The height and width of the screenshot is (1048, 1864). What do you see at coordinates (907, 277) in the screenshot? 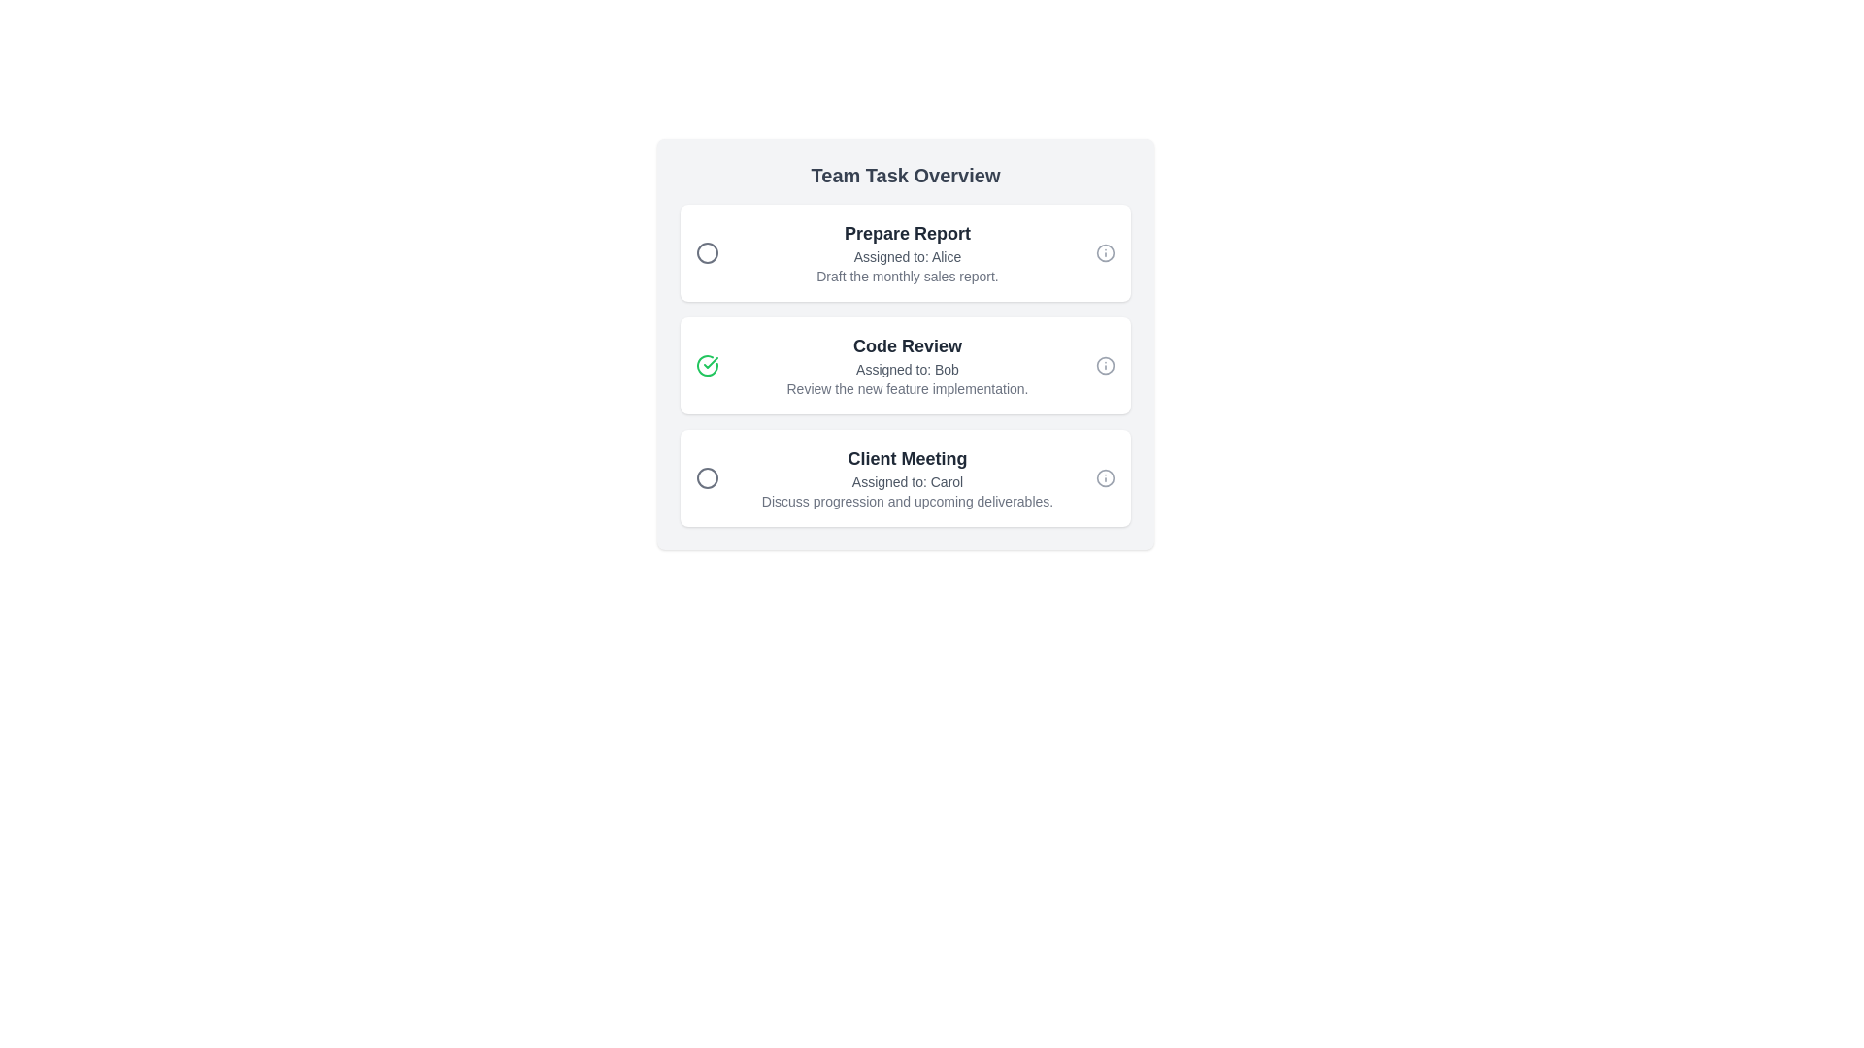
I see `the static text that provides instructions related to the task 'Prepare Report', located under 'Assigned to: Alice' as the third line in the section` at bounding box center [907, 277].